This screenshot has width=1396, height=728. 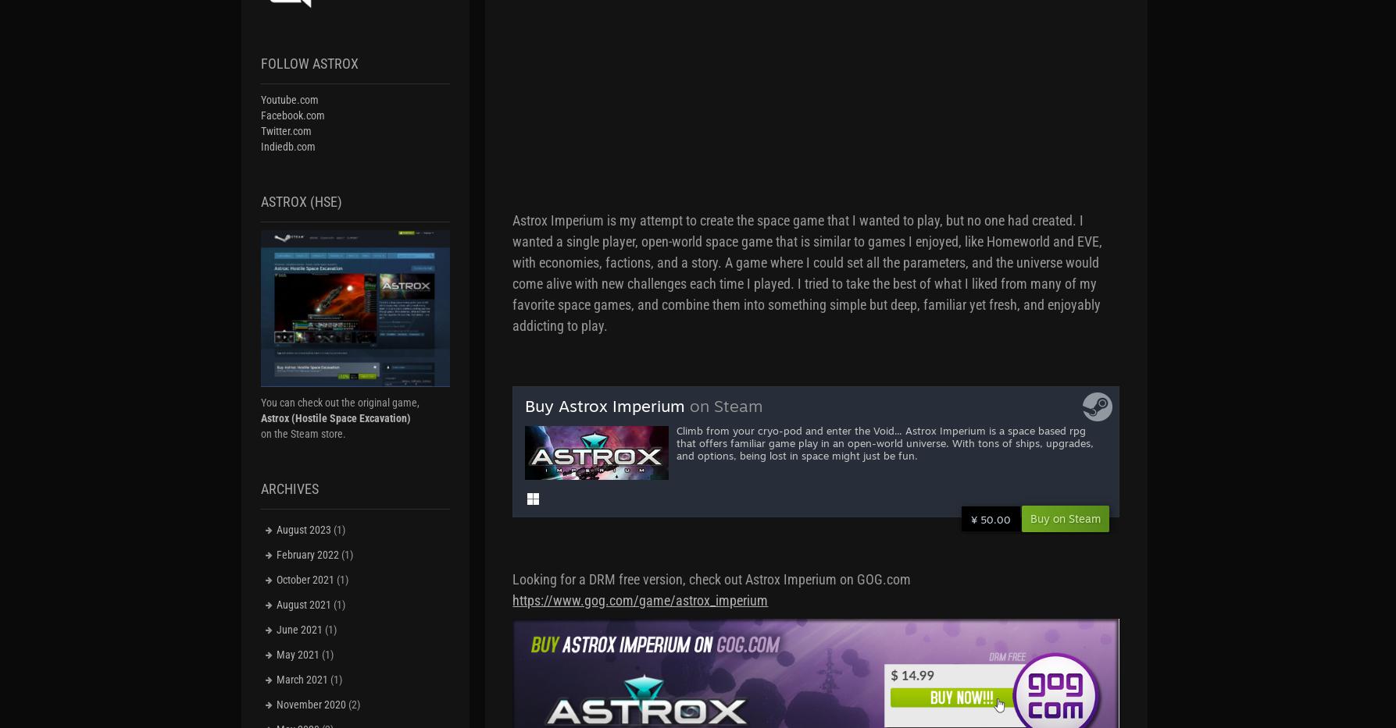 What do you see at coordinates (309, 63) in the screenshot?
I see `'Follow Astrox'` at bounding box center [309, 63].